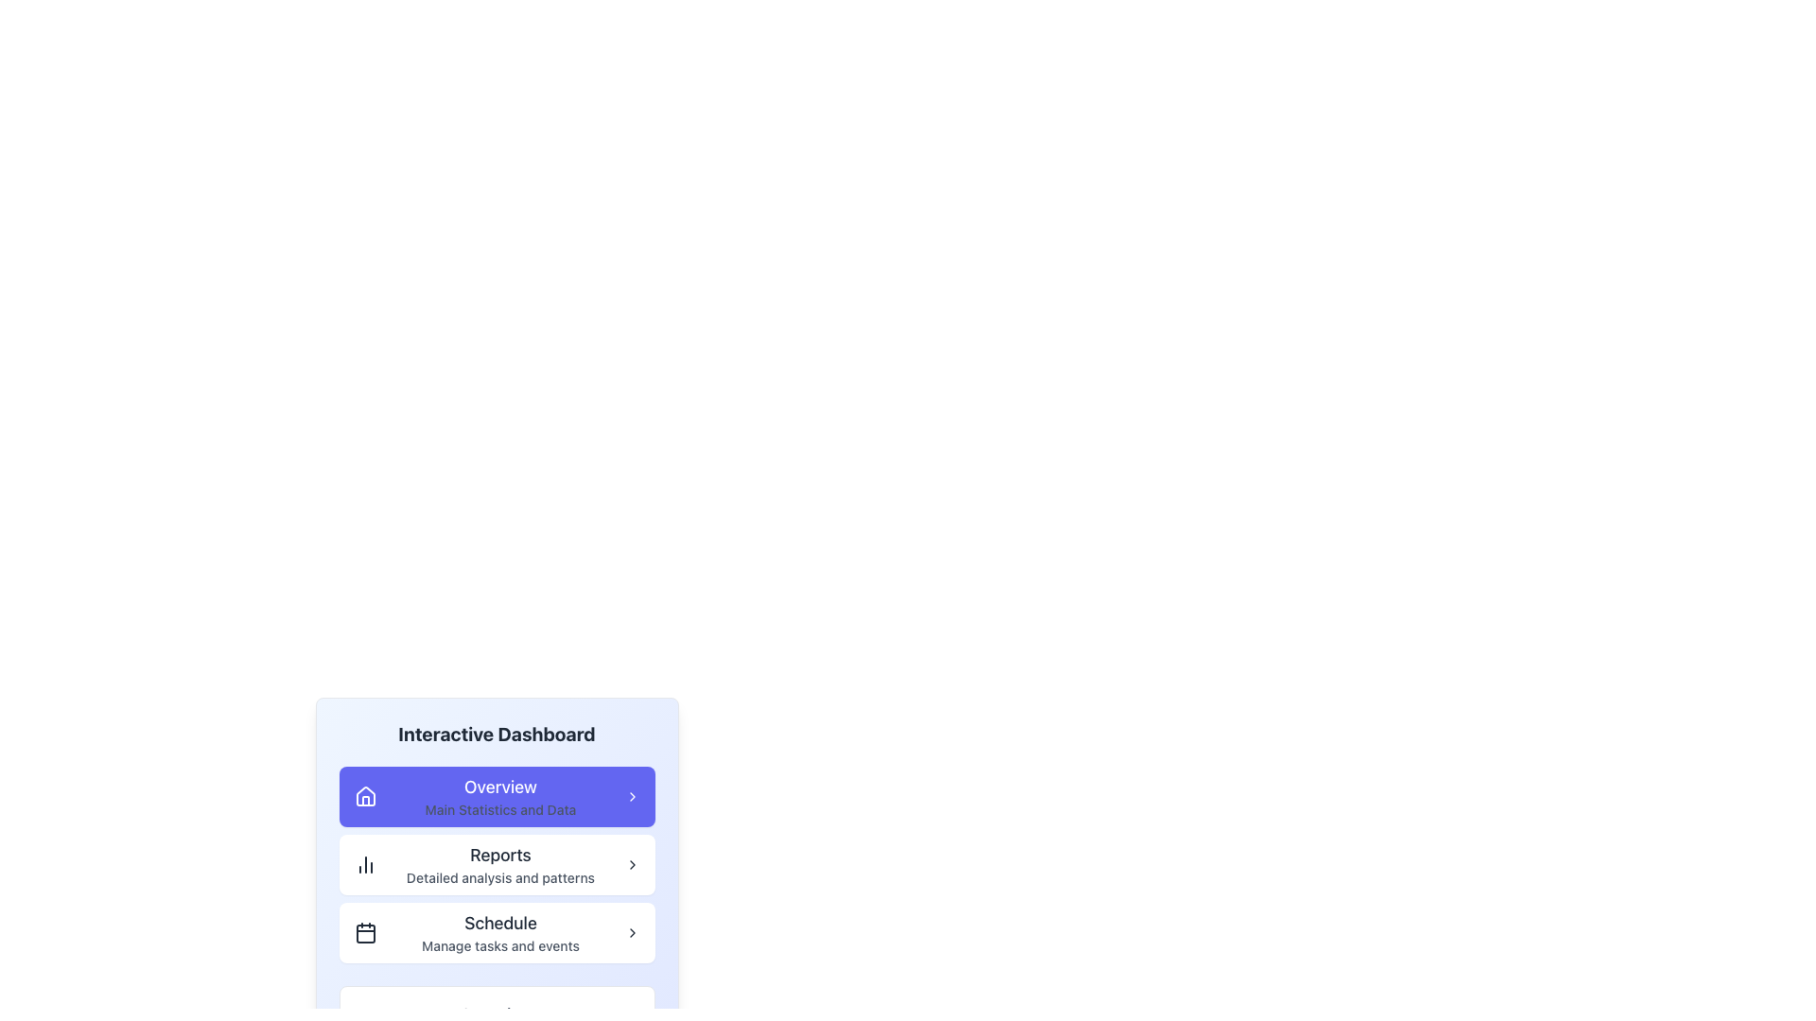 This screenshot has height=1021, width=1816. Describe the element at coordinates (365, 797) in the screenshot. I see `the house outline icon located adjacent to the 'Overview' text label in the 'Interactive Dashboard' panel` at that location.